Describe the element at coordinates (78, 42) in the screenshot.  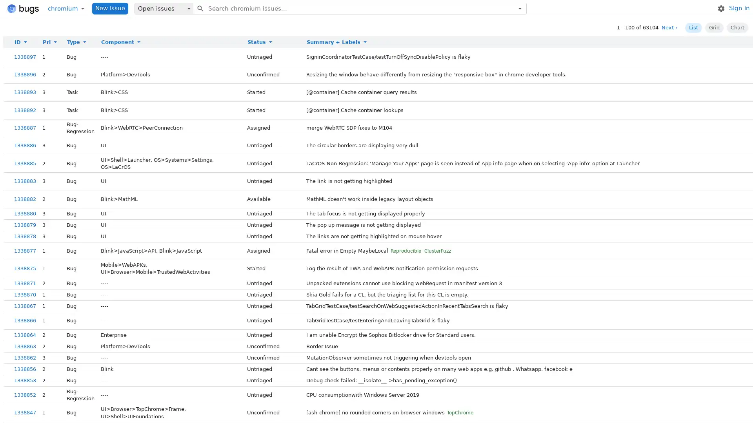
I see `Type` at that location.